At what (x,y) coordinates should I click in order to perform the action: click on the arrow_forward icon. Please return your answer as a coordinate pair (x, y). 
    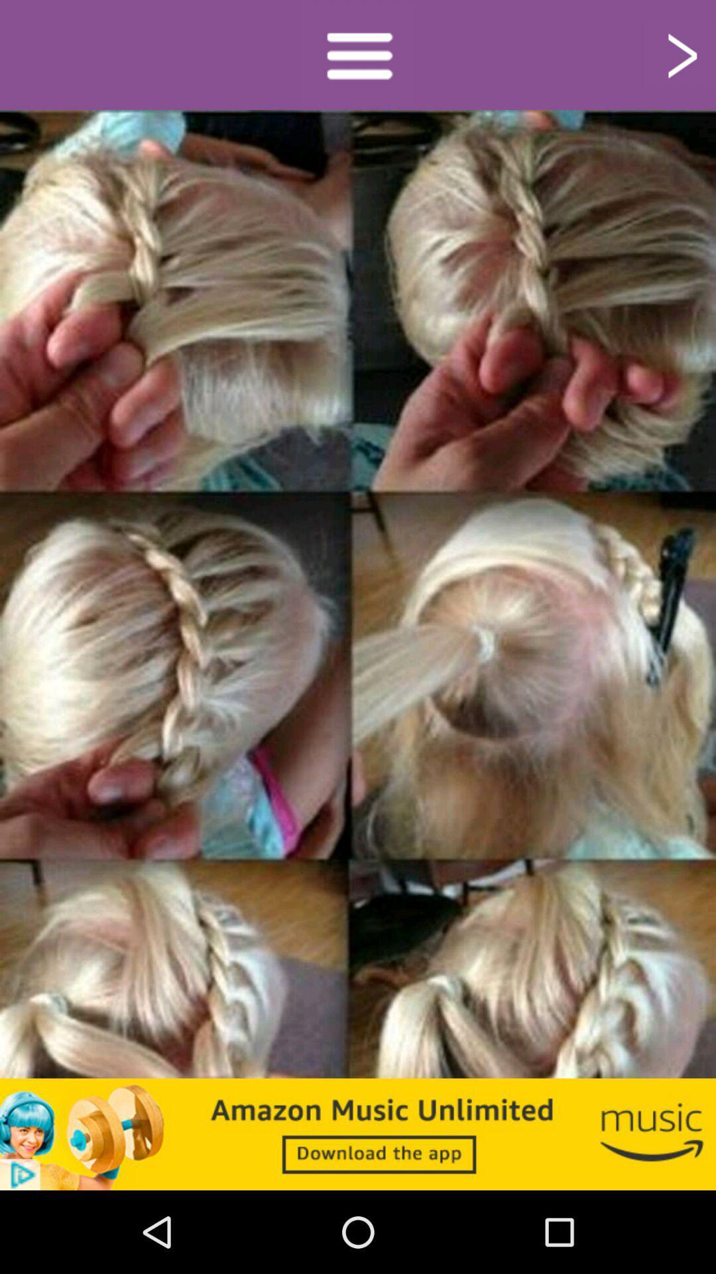
    Looking at the image, I should click on (680, 58).